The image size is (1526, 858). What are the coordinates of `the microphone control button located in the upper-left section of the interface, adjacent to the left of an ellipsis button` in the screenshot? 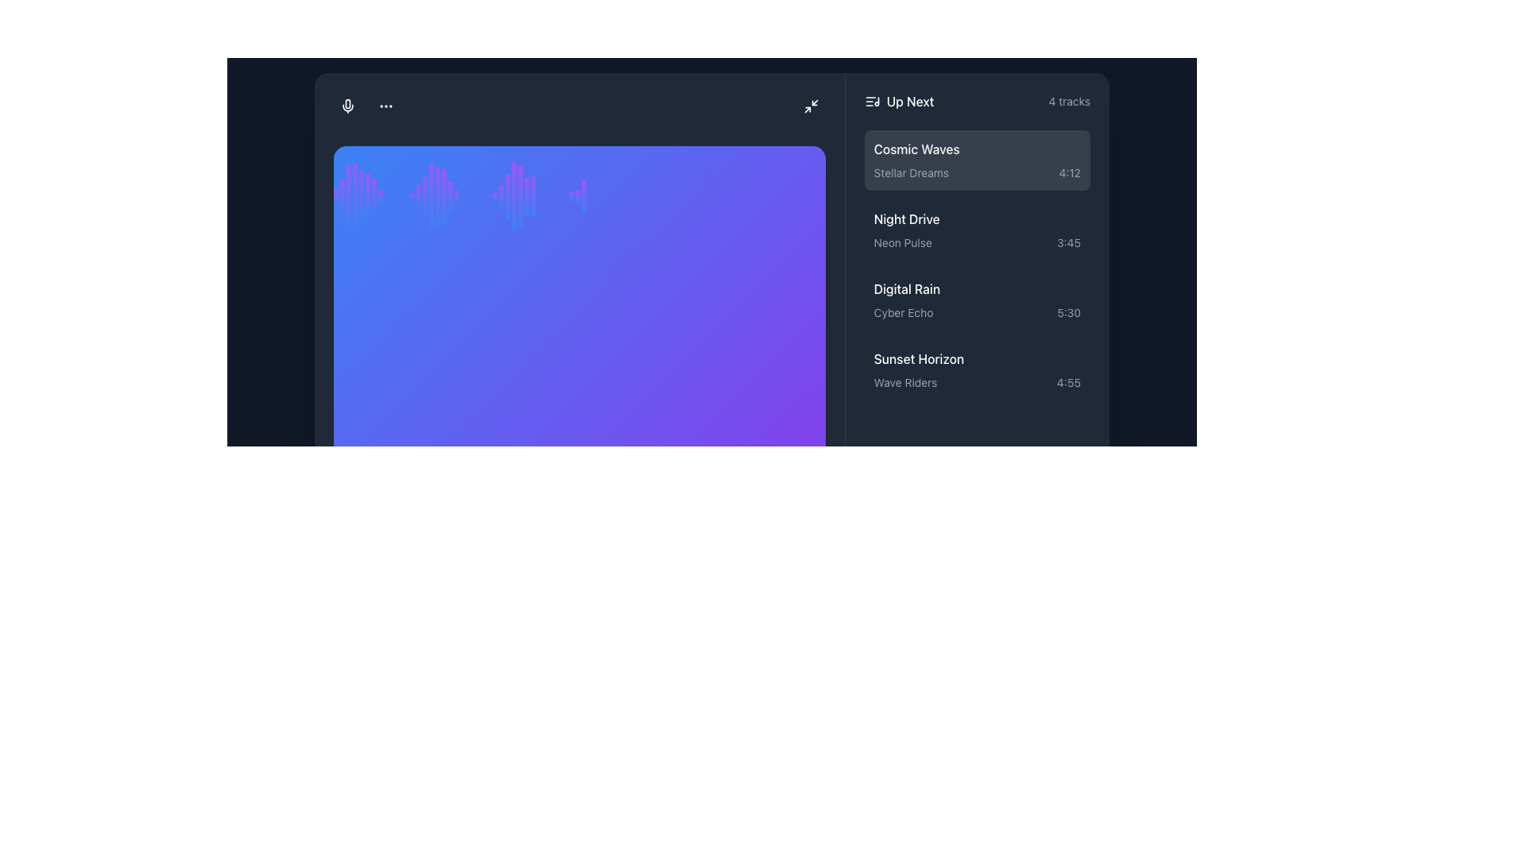 It's located at (347, 105).